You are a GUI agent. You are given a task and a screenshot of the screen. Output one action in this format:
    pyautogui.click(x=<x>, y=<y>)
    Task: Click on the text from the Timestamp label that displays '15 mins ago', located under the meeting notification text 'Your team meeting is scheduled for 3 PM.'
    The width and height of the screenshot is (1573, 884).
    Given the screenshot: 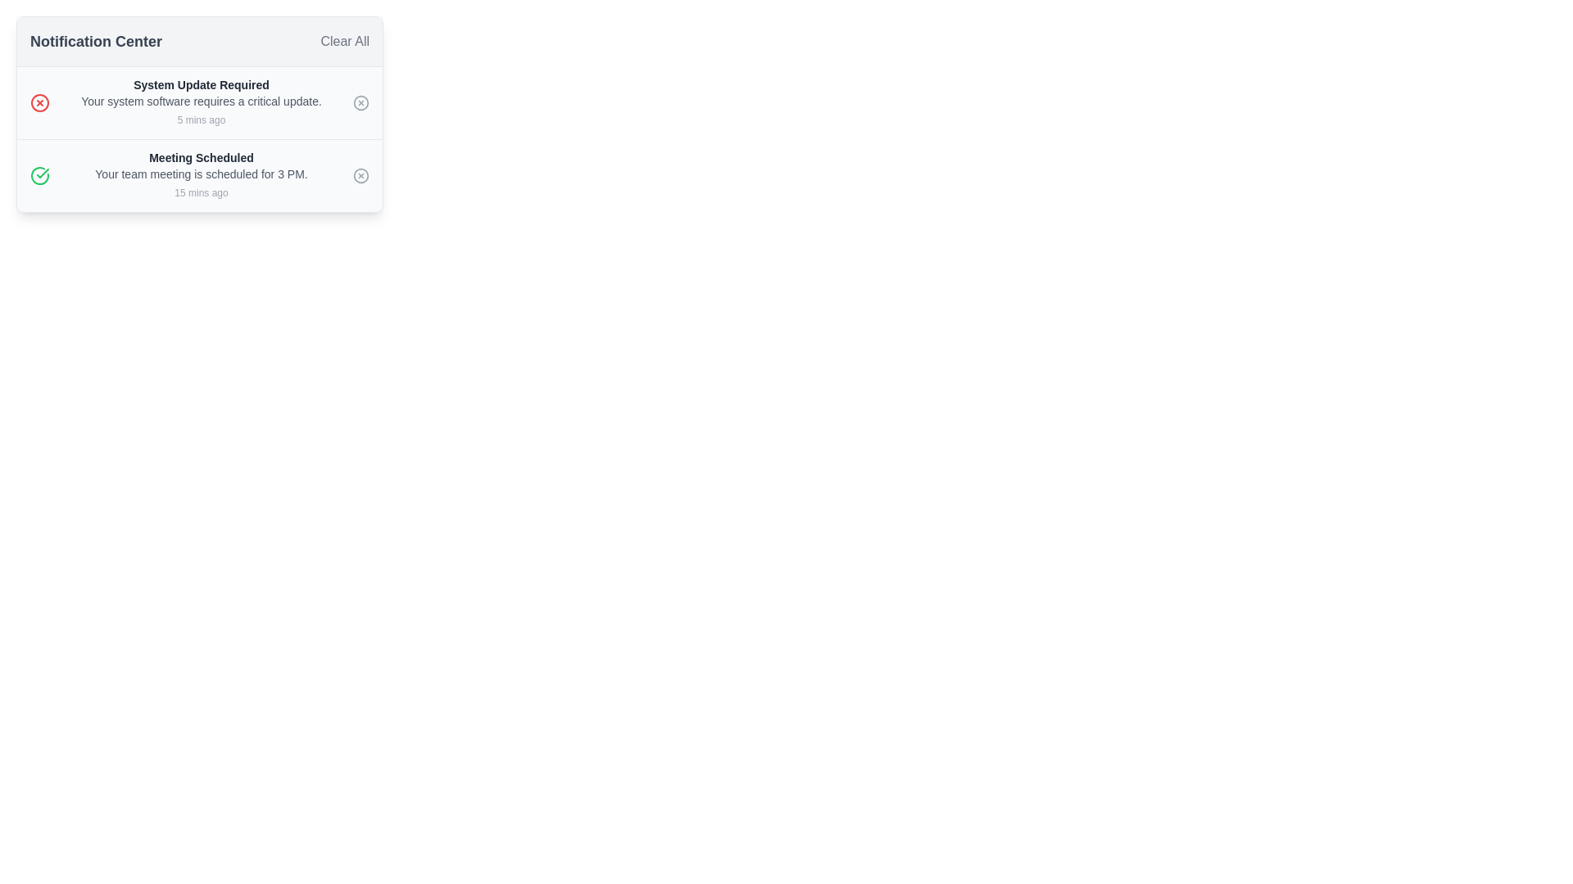 What is the action you would take?
    pyautogui.click(x=200, y=192)
    